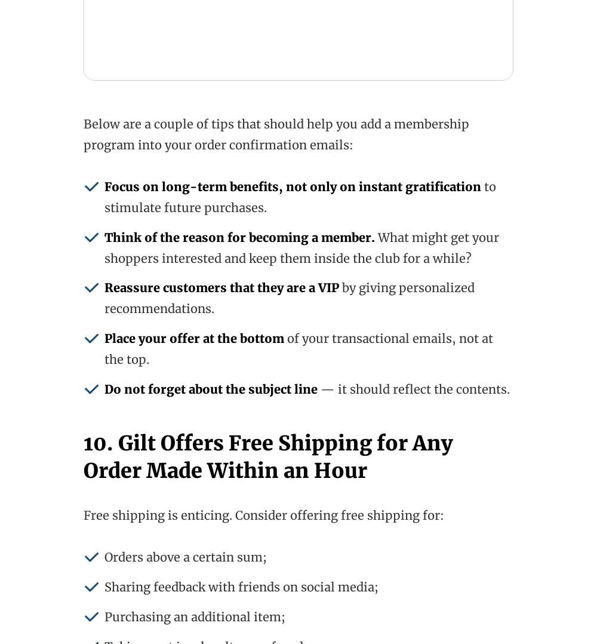 Image resolution: width=597 pixels, height=644 pixels. Describe the element at coordinates (104, 298) in the screenshot. I see `'by giving personalized recommendations.'` at that location.